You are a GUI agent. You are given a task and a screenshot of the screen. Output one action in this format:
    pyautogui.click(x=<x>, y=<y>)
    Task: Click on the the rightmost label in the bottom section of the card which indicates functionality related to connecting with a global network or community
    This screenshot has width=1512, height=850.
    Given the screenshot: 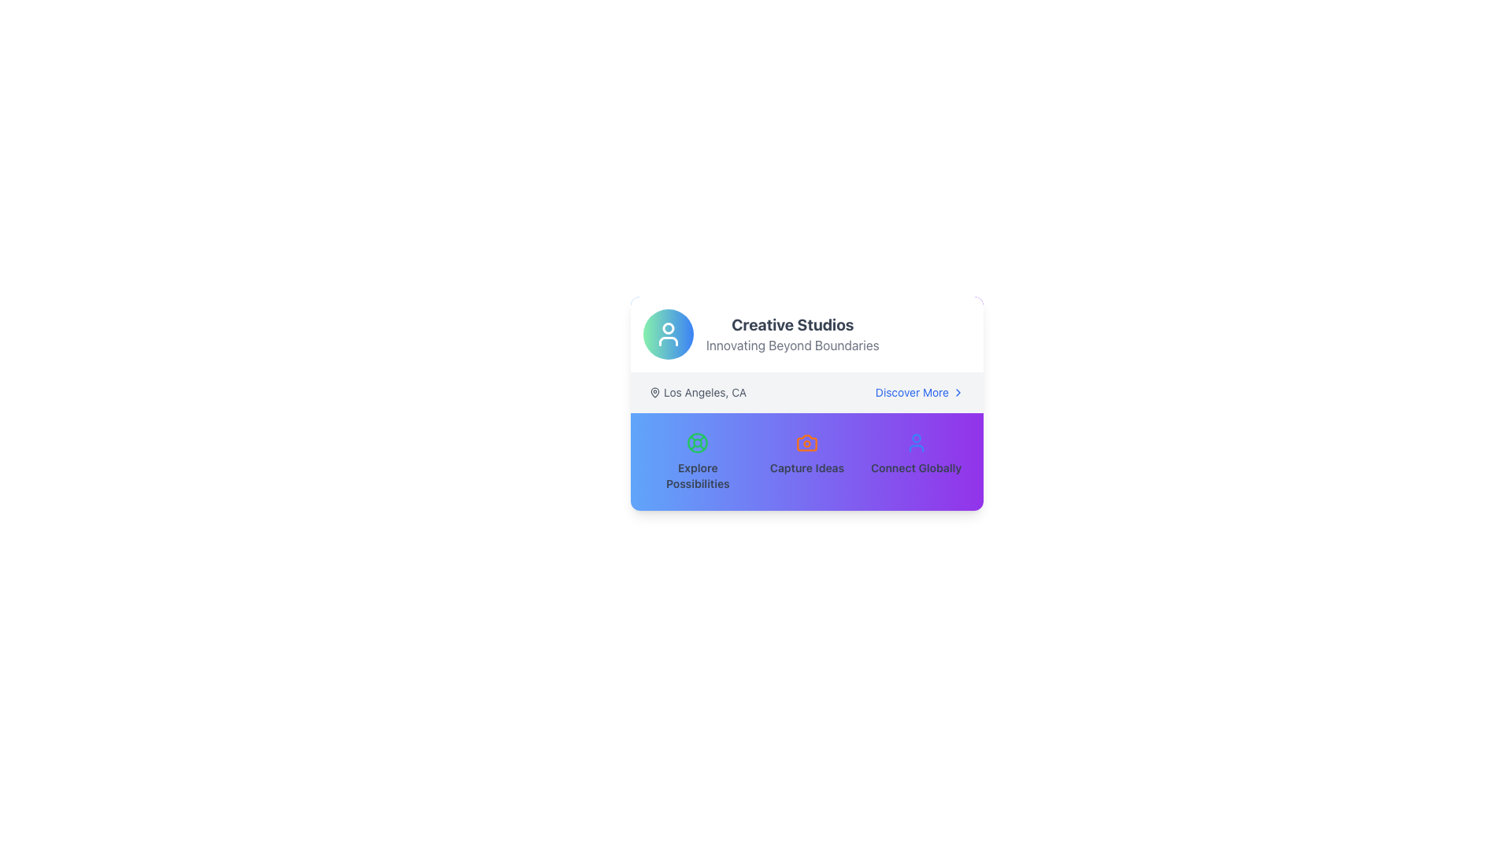 What is the action you would take?
    pyautogui.click(x=916, y=467)
    